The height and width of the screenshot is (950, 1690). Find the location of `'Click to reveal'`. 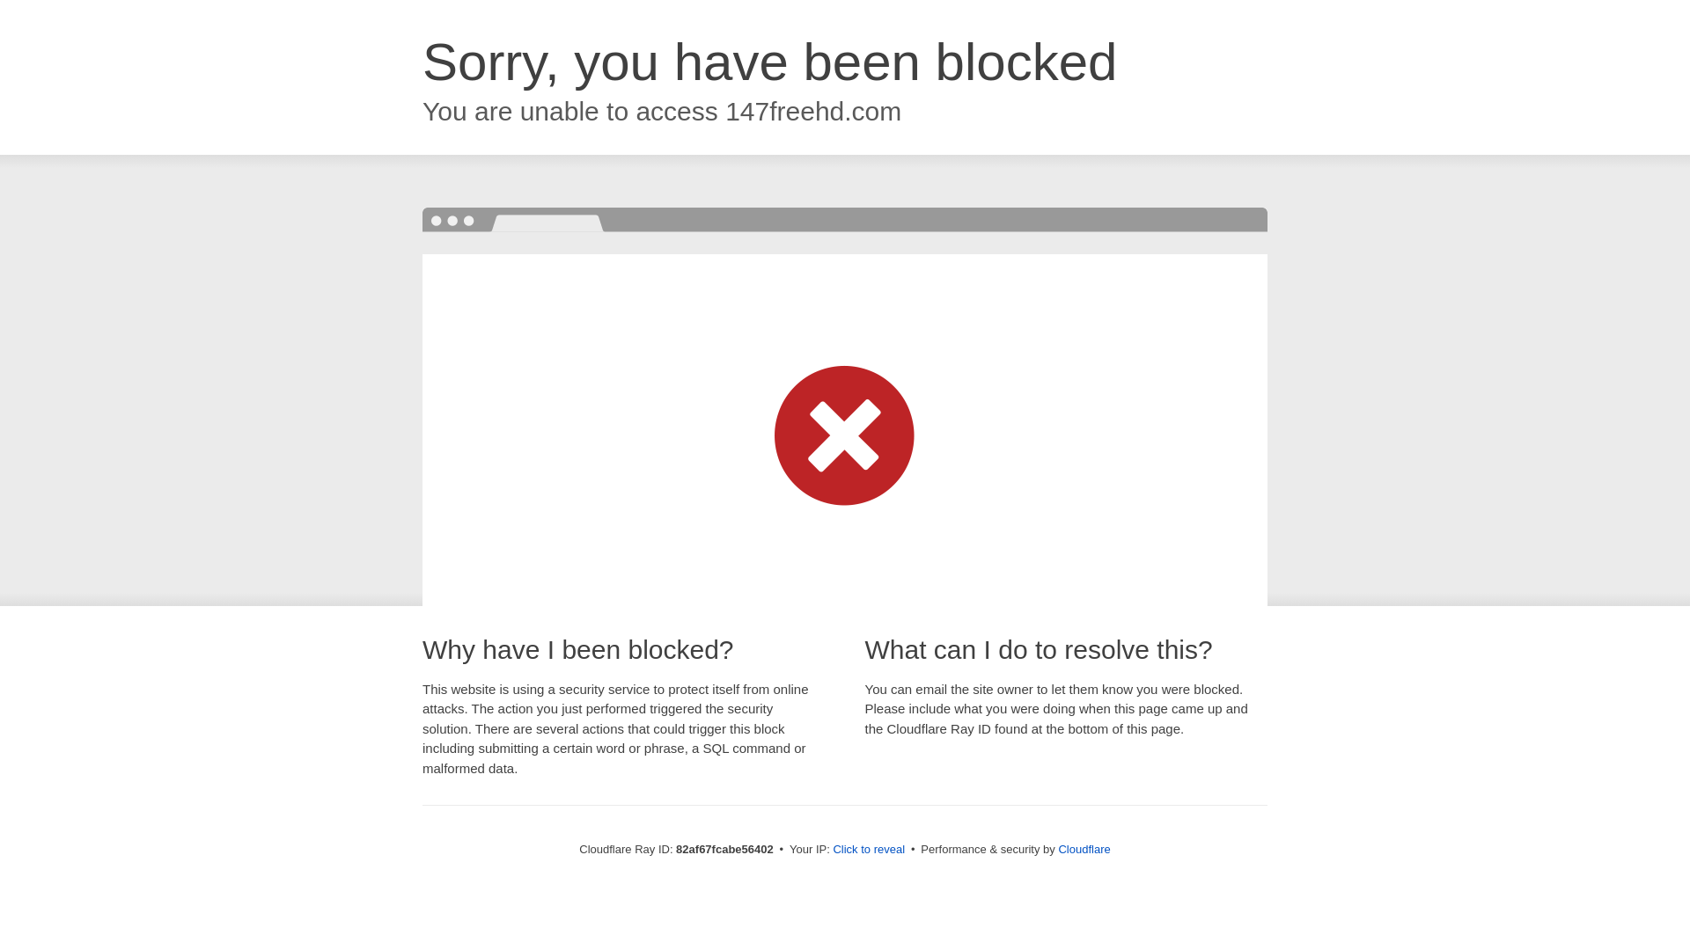

'Click to reveal' is located at coordinates (869, 848).